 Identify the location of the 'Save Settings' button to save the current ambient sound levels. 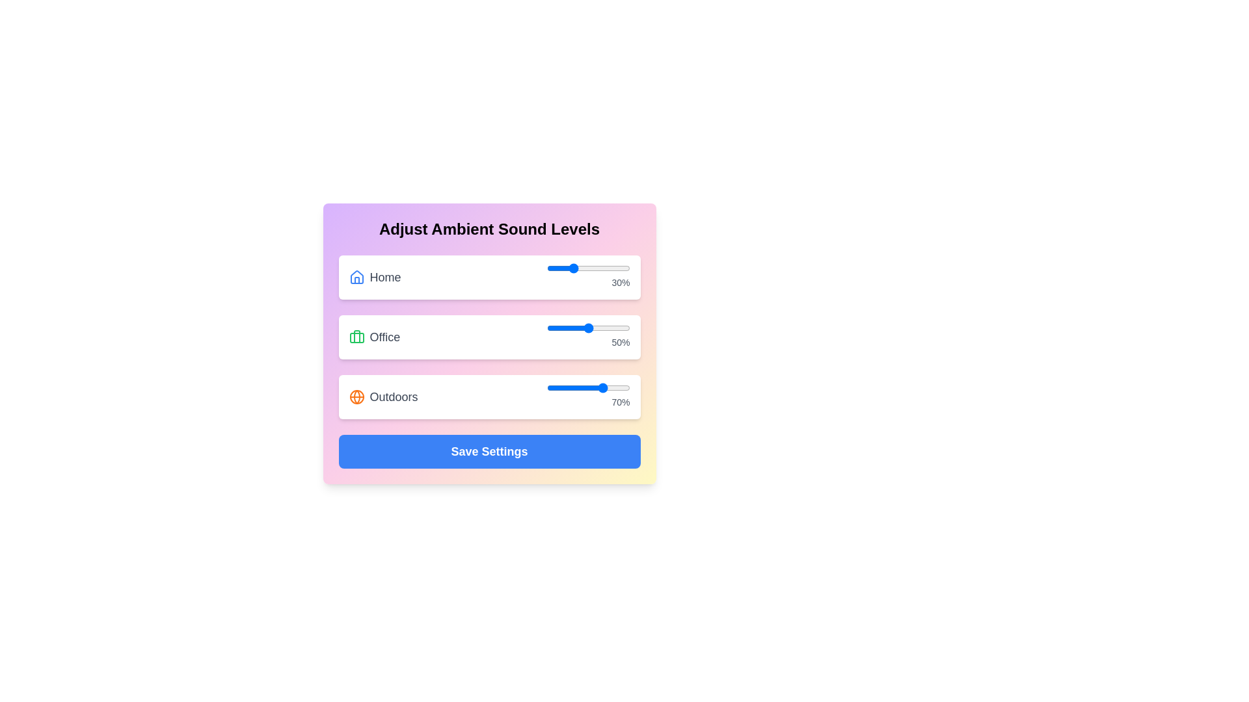
(489, 450).